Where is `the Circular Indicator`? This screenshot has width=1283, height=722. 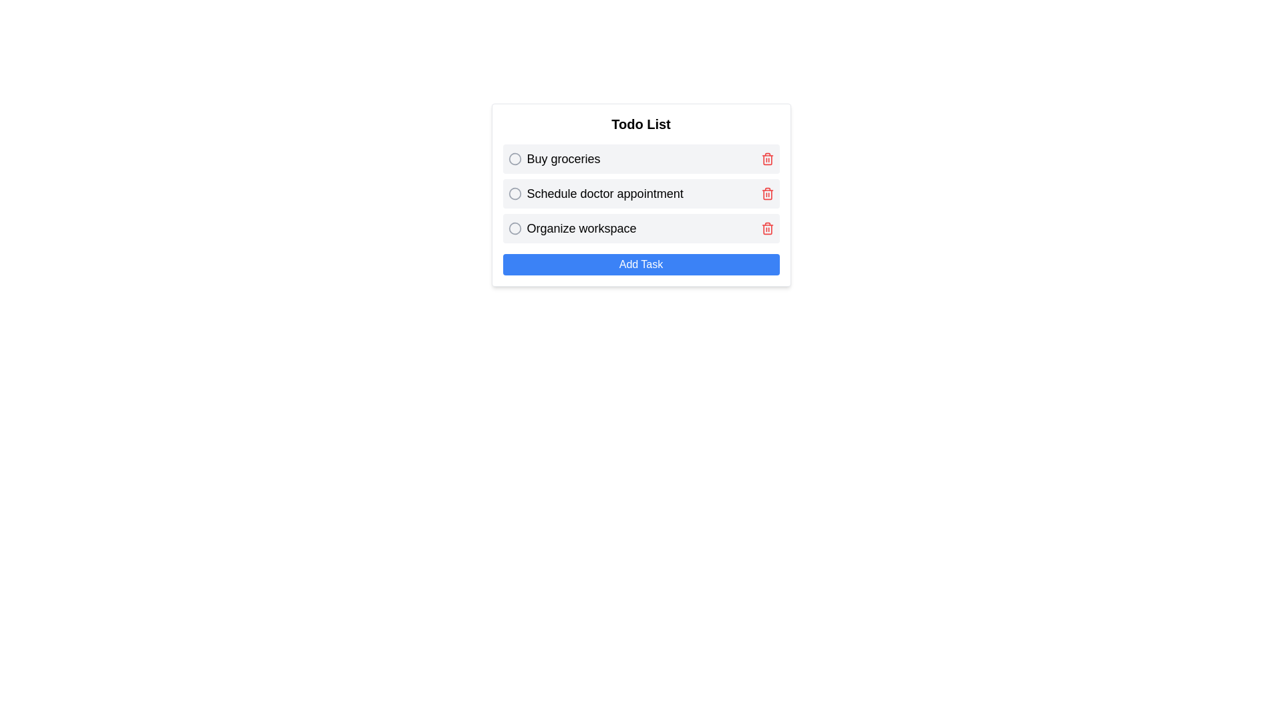
the Circular Indicator is located at coordinates (514, 158).